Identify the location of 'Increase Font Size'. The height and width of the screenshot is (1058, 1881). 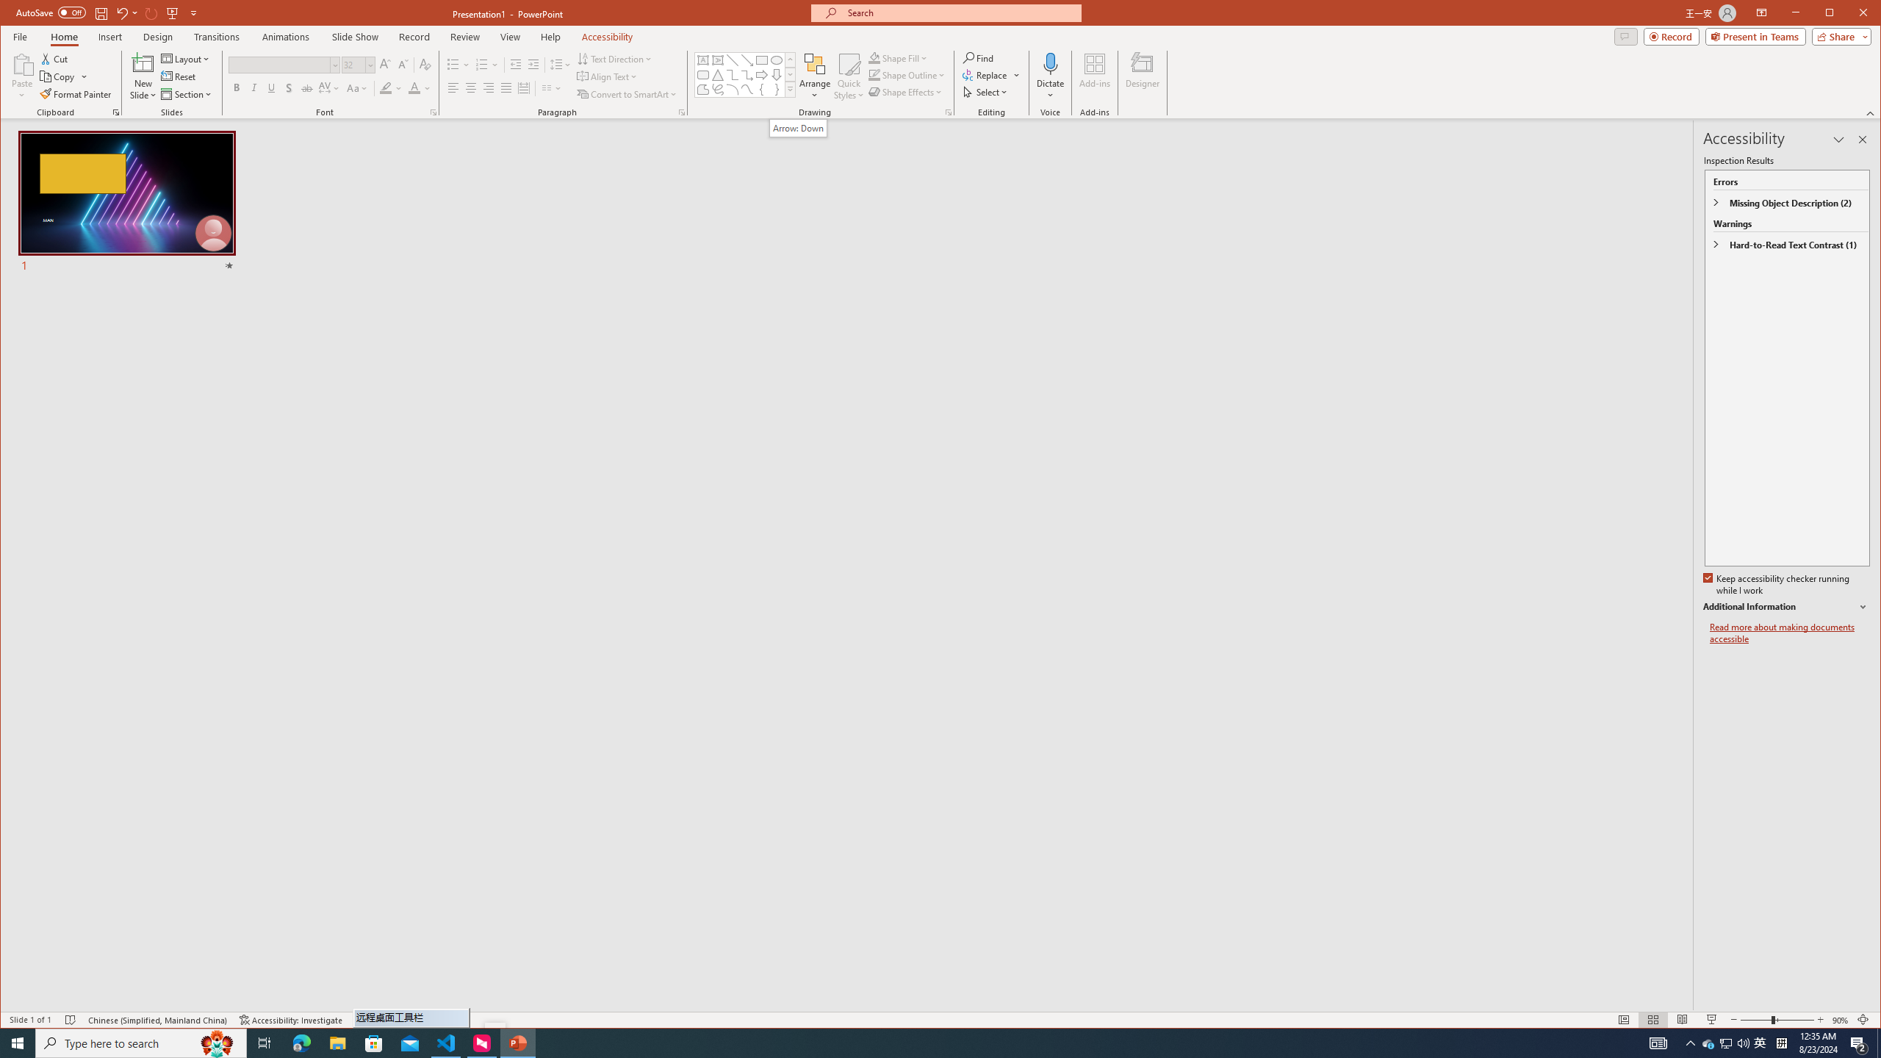
(384, 64).